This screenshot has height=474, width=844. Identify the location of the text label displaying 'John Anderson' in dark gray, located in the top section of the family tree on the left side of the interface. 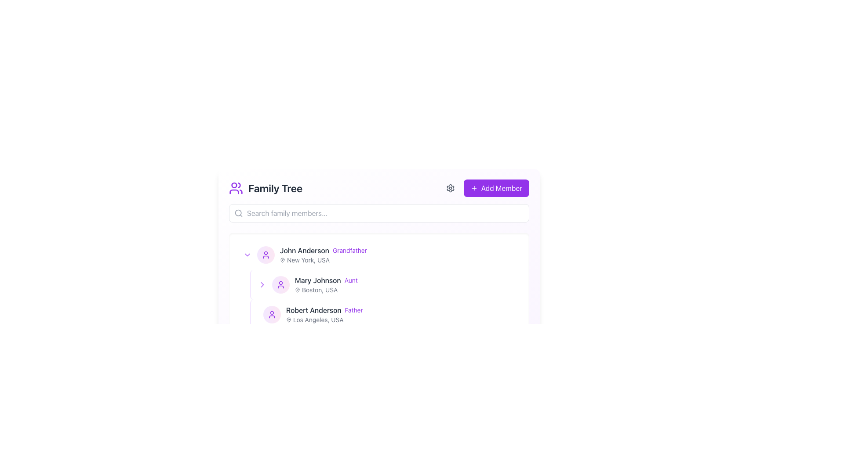
(304, 250).